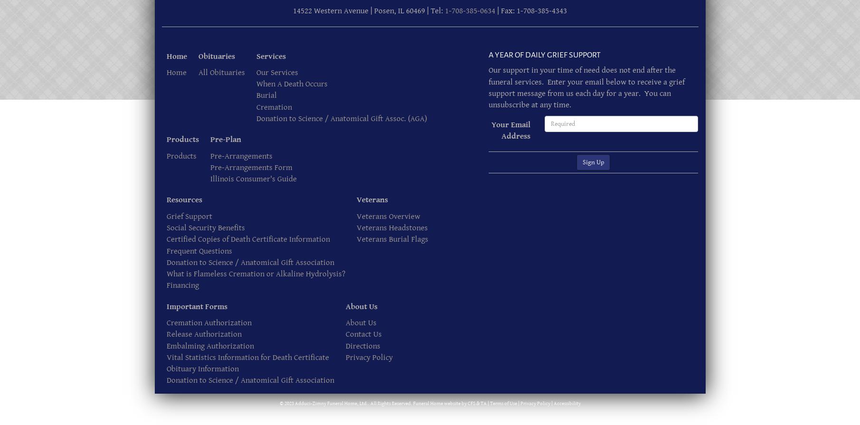  I want to click on '&', so click(477, 402).